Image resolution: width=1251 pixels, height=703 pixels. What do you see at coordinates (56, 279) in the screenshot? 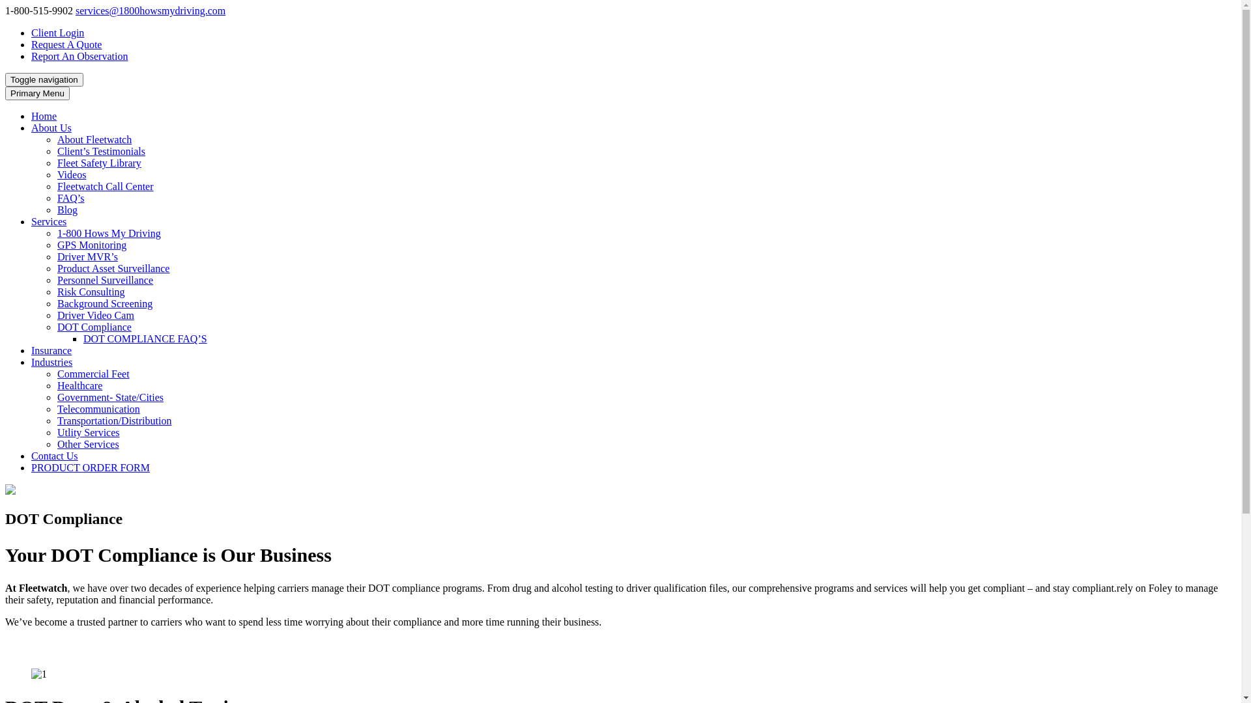
I see `'Personnel Surveillance'` at bounding box center [56, 279].